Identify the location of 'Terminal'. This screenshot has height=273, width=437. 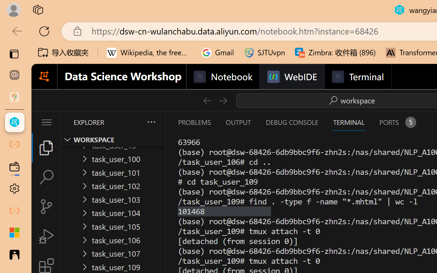
(357, 77).